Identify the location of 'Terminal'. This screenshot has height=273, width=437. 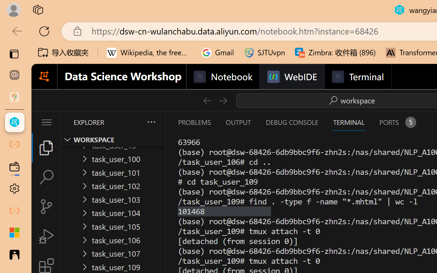
(357, 77).